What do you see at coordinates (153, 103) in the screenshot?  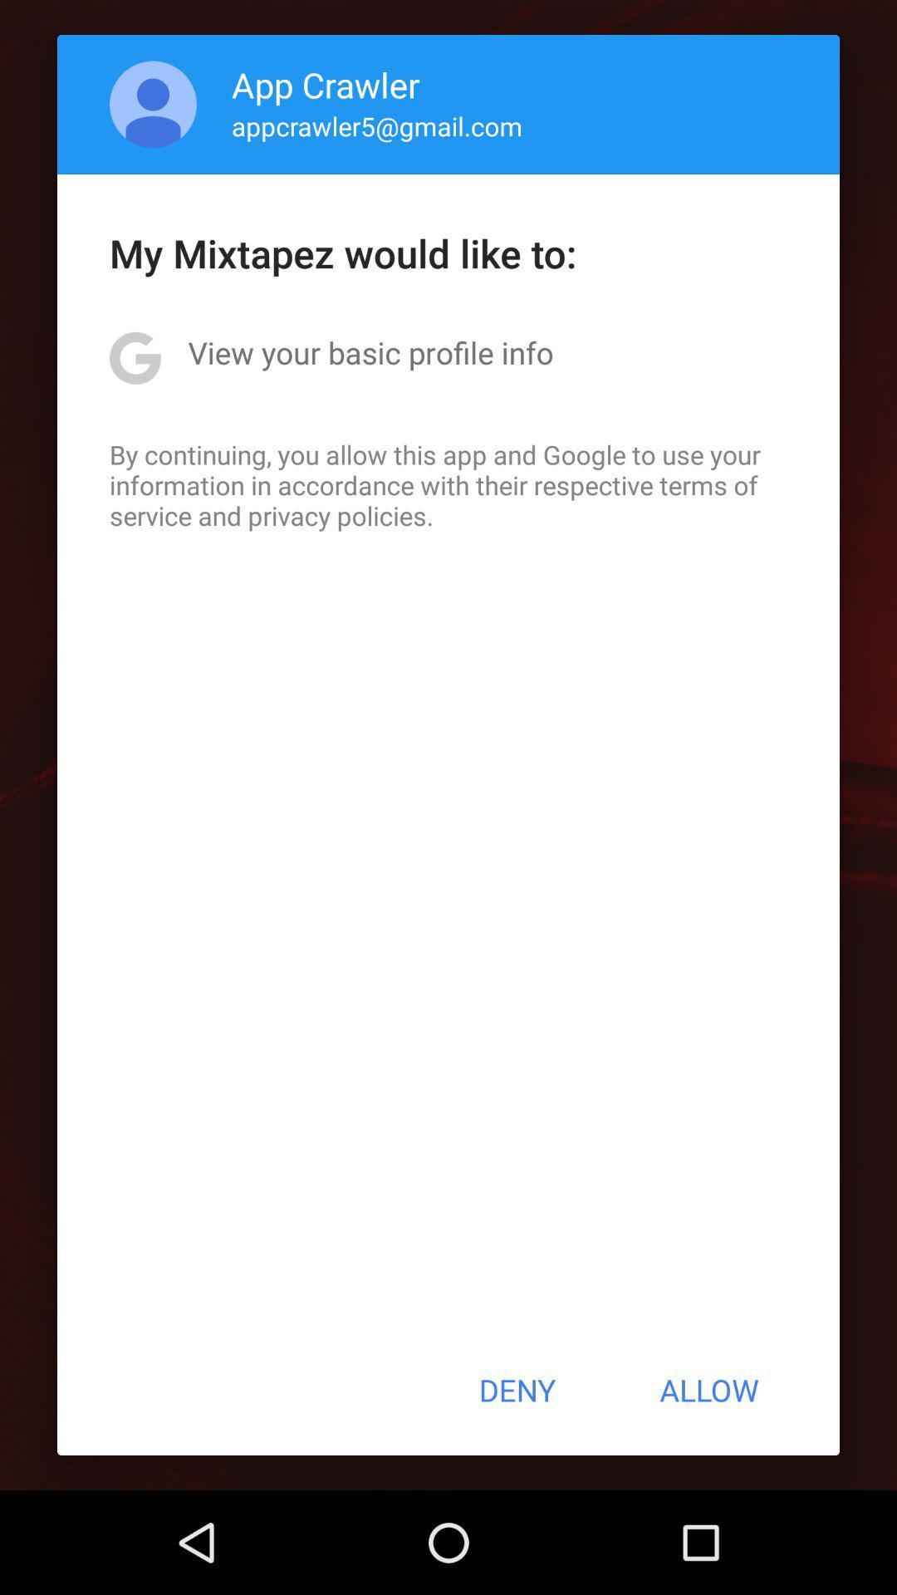 I see `icon above my mixtapez would` at bounding box center [153, 103].